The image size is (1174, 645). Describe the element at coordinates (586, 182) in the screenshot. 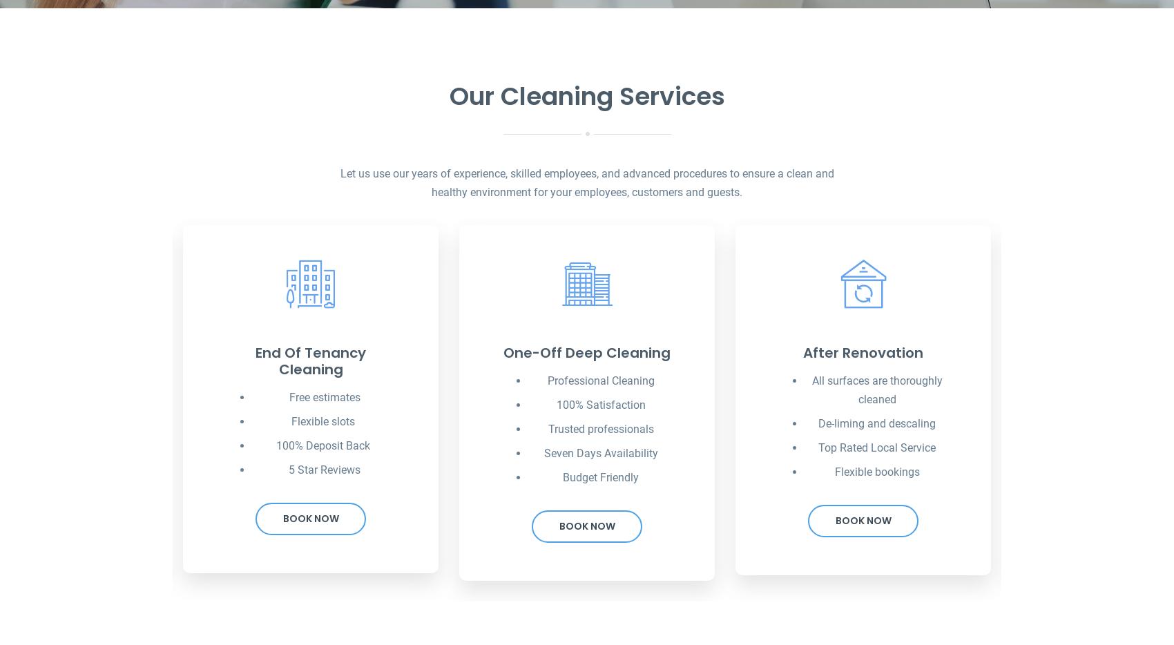

I see `'Let us use our years of experience, skilled employees, and advanced procedures to ensure a clean and healthy environment for your employees, customers and guests.'` at that location.